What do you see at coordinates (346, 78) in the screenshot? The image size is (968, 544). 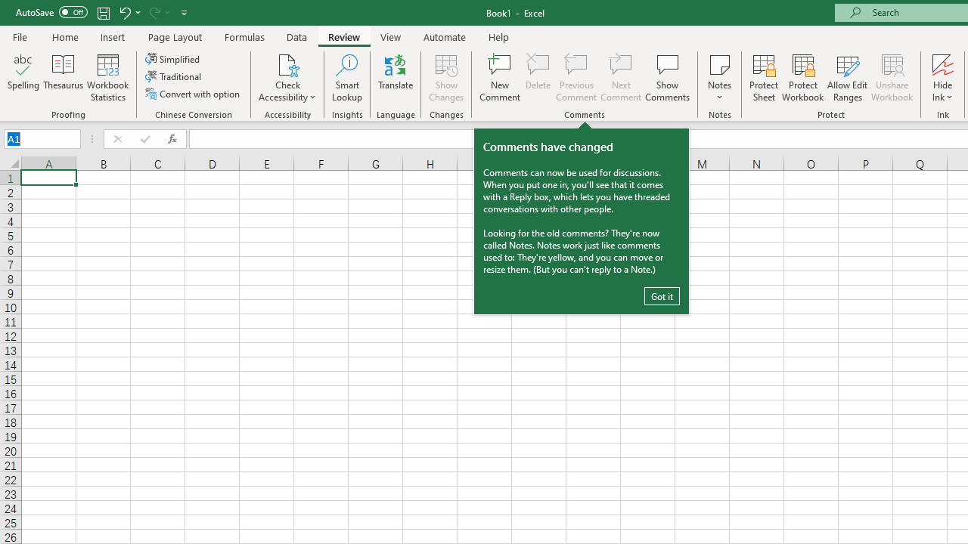 I see `'Smart Lookup'` at bounding box center [346, 78].